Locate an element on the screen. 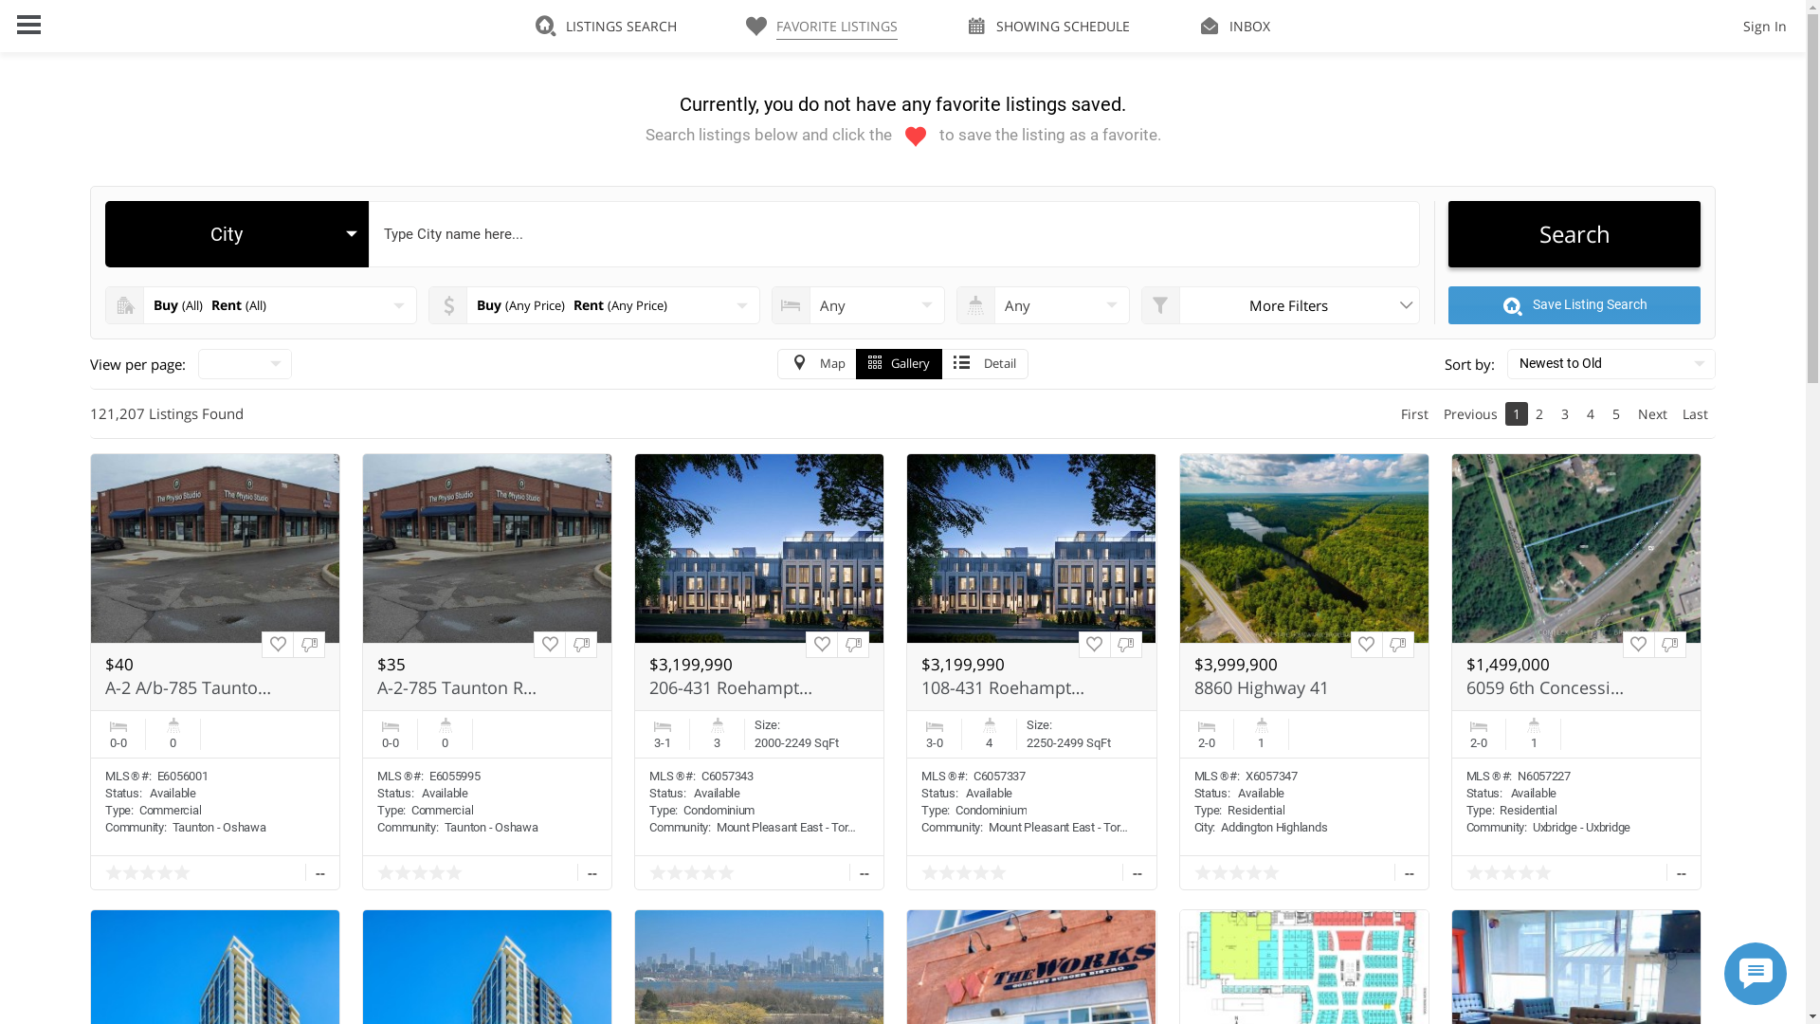 This screenshot has width=1820, height=1024. 'FAVORITE LISTINGS' is located at coordinates (745, 26).